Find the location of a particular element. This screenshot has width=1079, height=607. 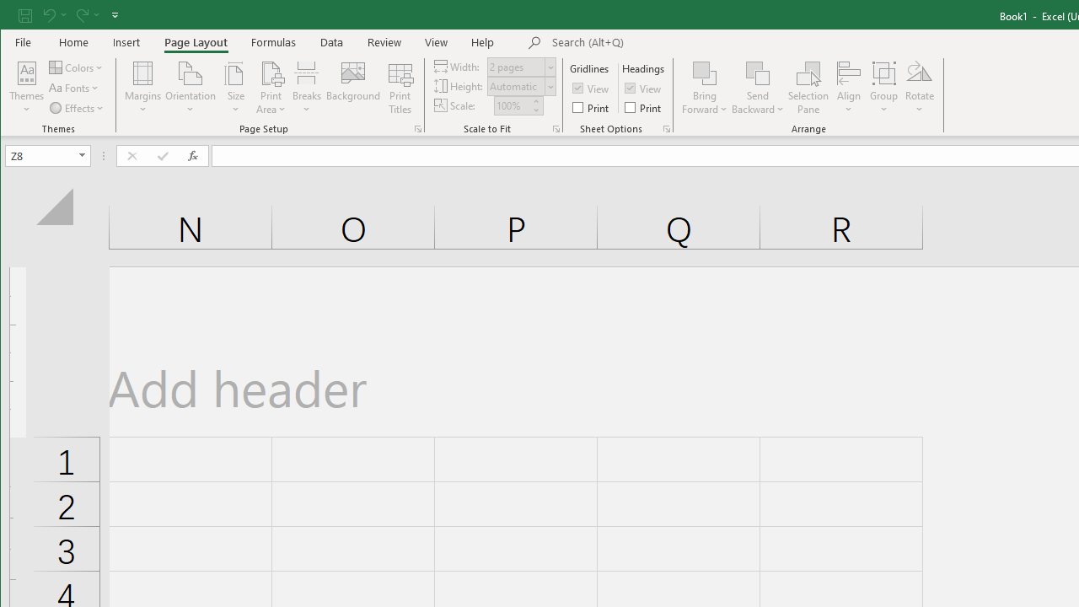

'Selection Pane...' is located at coordinates (808, 88).